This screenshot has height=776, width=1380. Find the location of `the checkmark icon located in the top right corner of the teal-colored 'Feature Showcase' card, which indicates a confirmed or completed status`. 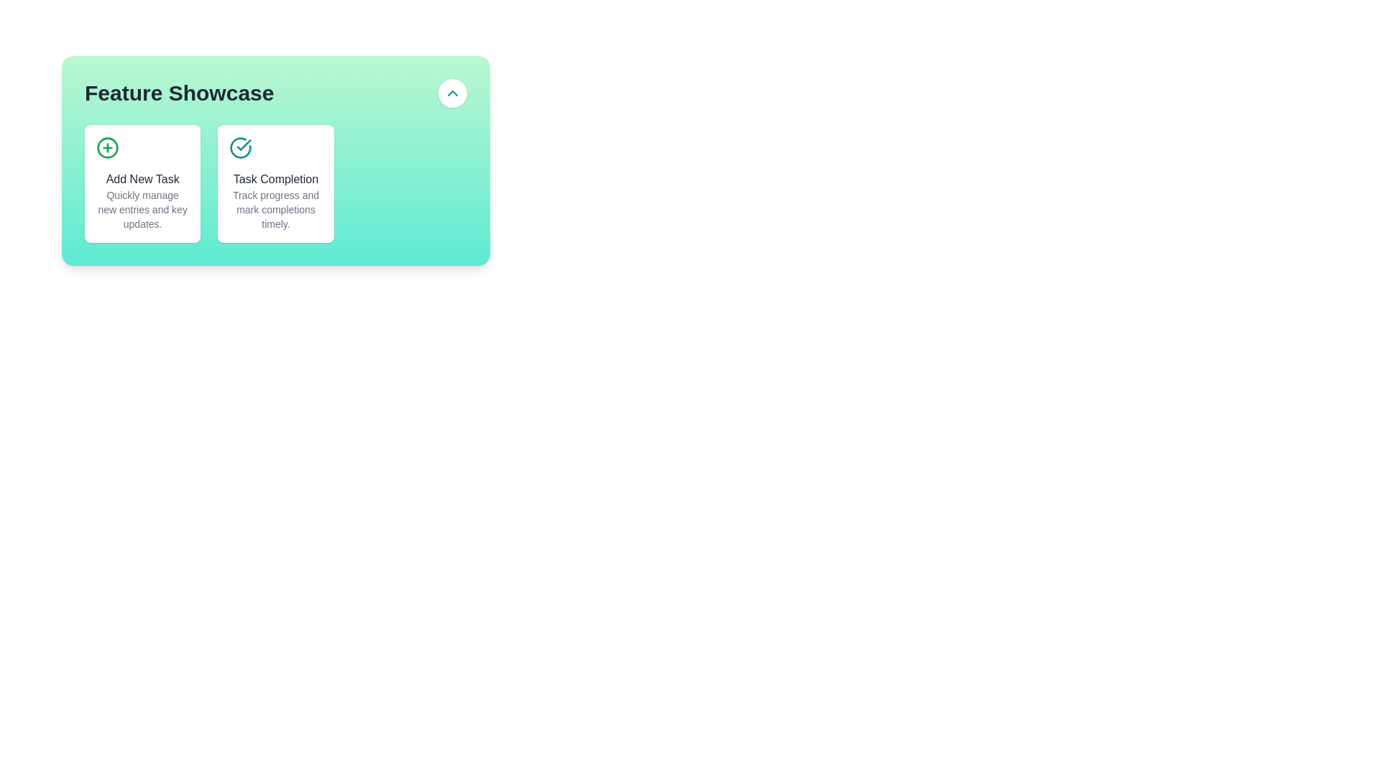

the checkmark icon located in the top right corner of the teal-colored 'Feature Showcase' card, which indicates a confirmed or completed status is located at coordinates (244, 144).